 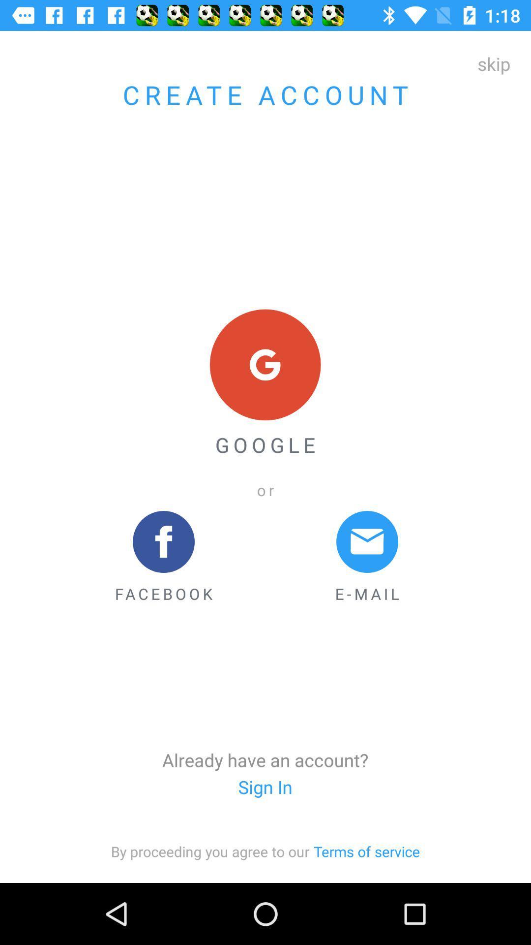 I want to click on skip, so click(x=494, y=63).